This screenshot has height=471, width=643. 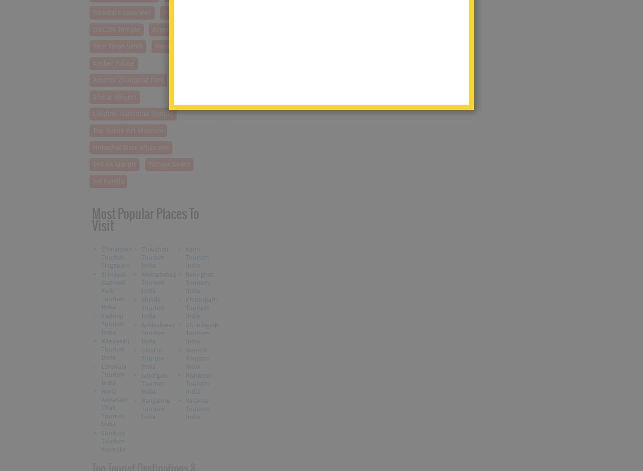 What do you see at coordinates (185, 408) in the screenshot?
I see `'Varanasi Tourism  India'` at bounding box center [185, 408].